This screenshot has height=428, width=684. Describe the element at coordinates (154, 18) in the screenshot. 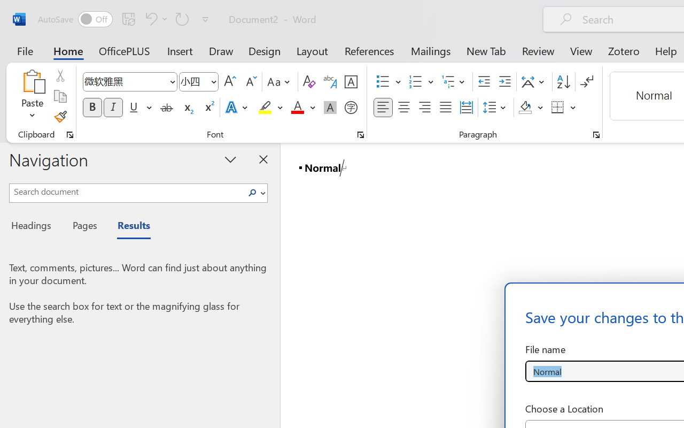

I see `'Undo Style'` at that location.